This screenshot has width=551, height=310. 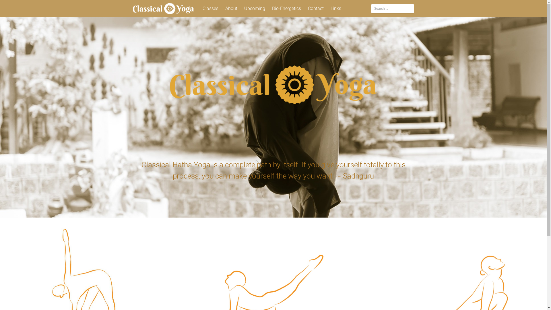 I want to click on 'Links', so click(x=336, y=9).